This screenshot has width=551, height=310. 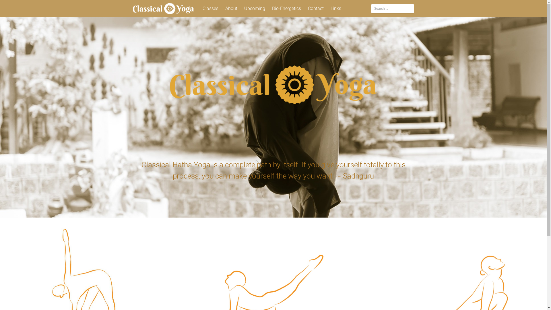 I want to click on 'Links', so click(x=336, y=9).